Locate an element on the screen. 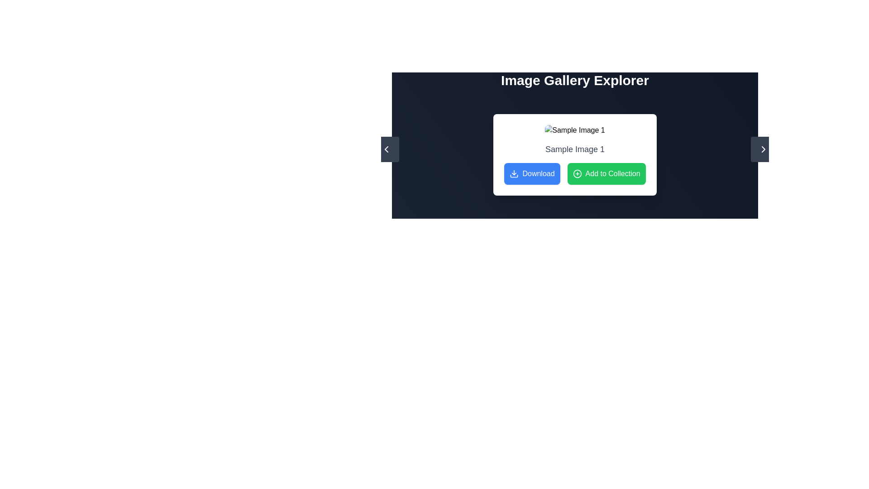 The height and width of the screenshot is (489, 869). the left-pointing chevron icon within the small rectangular button is located at coordinates (387, 149).